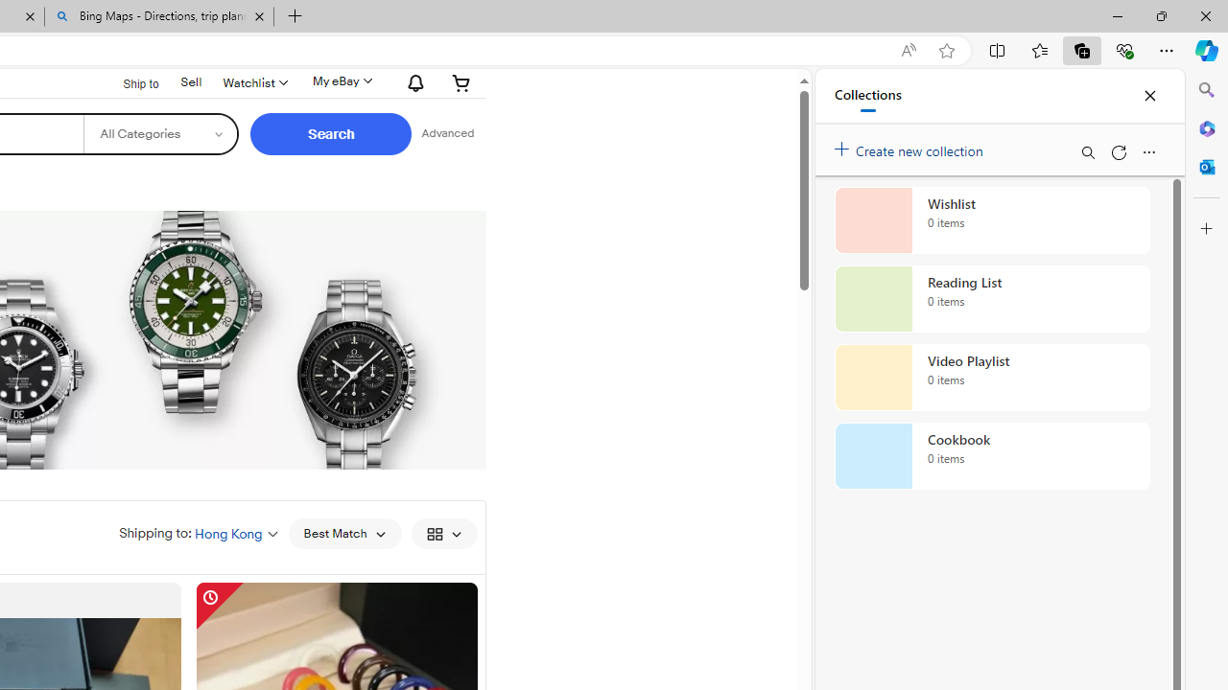 The image size is (1228, 690). Describe the element at coordinates (1206, 166) in the screenshot. I see `'Outlook'` at that location.